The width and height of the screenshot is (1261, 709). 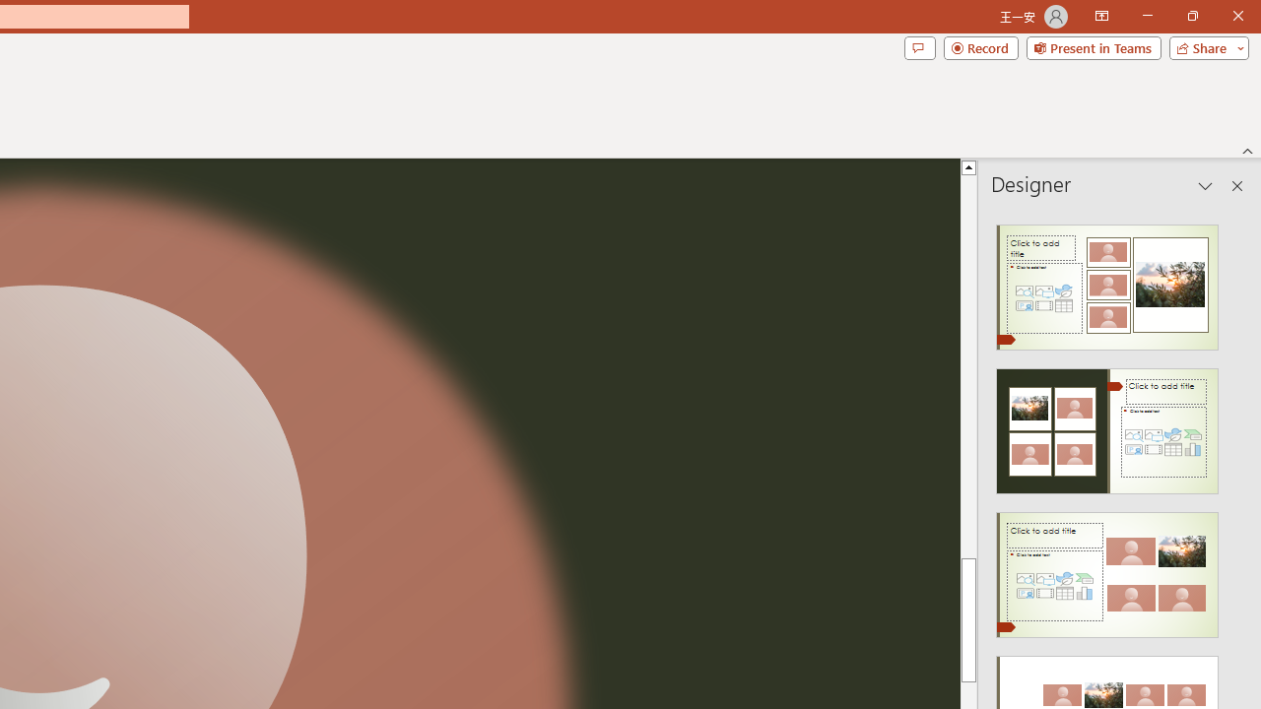 What do you see at coordinates (1147, 16) in the screenshot?
I see `'Minimize'` at bounding box center [1147, 16].